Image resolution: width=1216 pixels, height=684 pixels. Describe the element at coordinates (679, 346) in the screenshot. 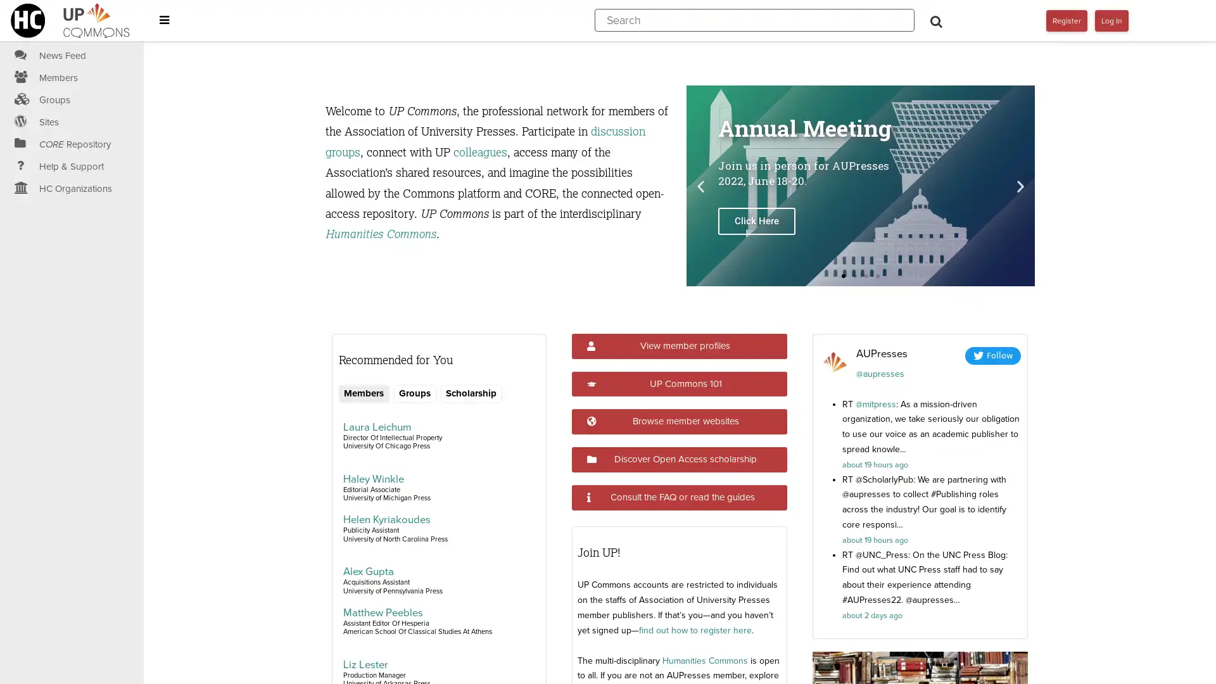

I see `View member profiles` at that location.